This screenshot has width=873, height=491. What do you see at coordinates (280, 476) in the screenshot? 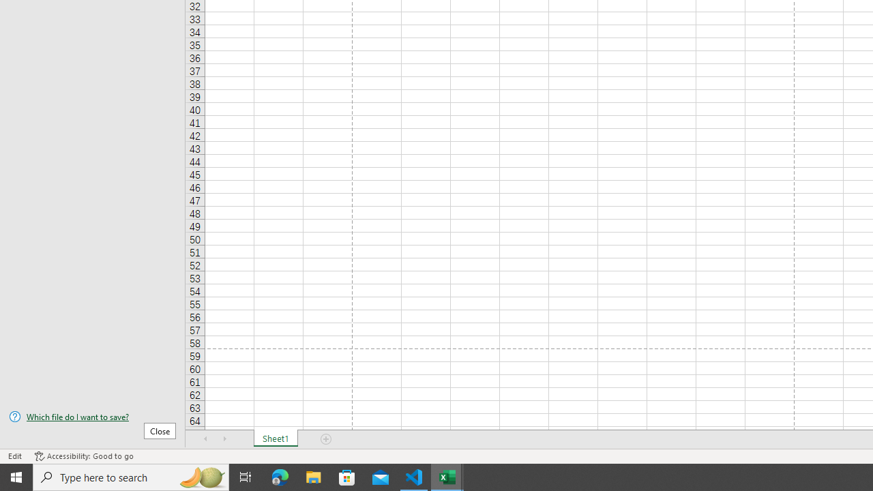
I see `'Microsoft Edge'` at bounding box center [280, 476].